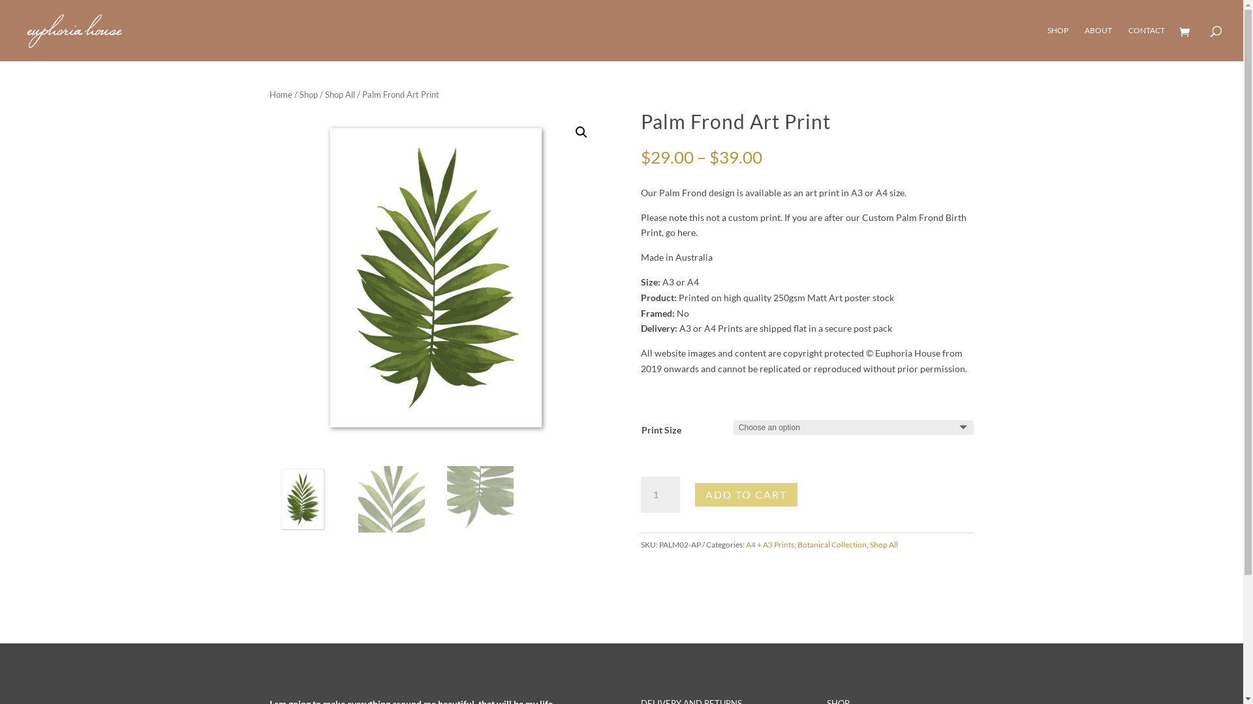  What do you see at coordinates (770, 544) in the screenshot?
I see `'A4 + A3 Prints'` at bounding box center [770, 544].